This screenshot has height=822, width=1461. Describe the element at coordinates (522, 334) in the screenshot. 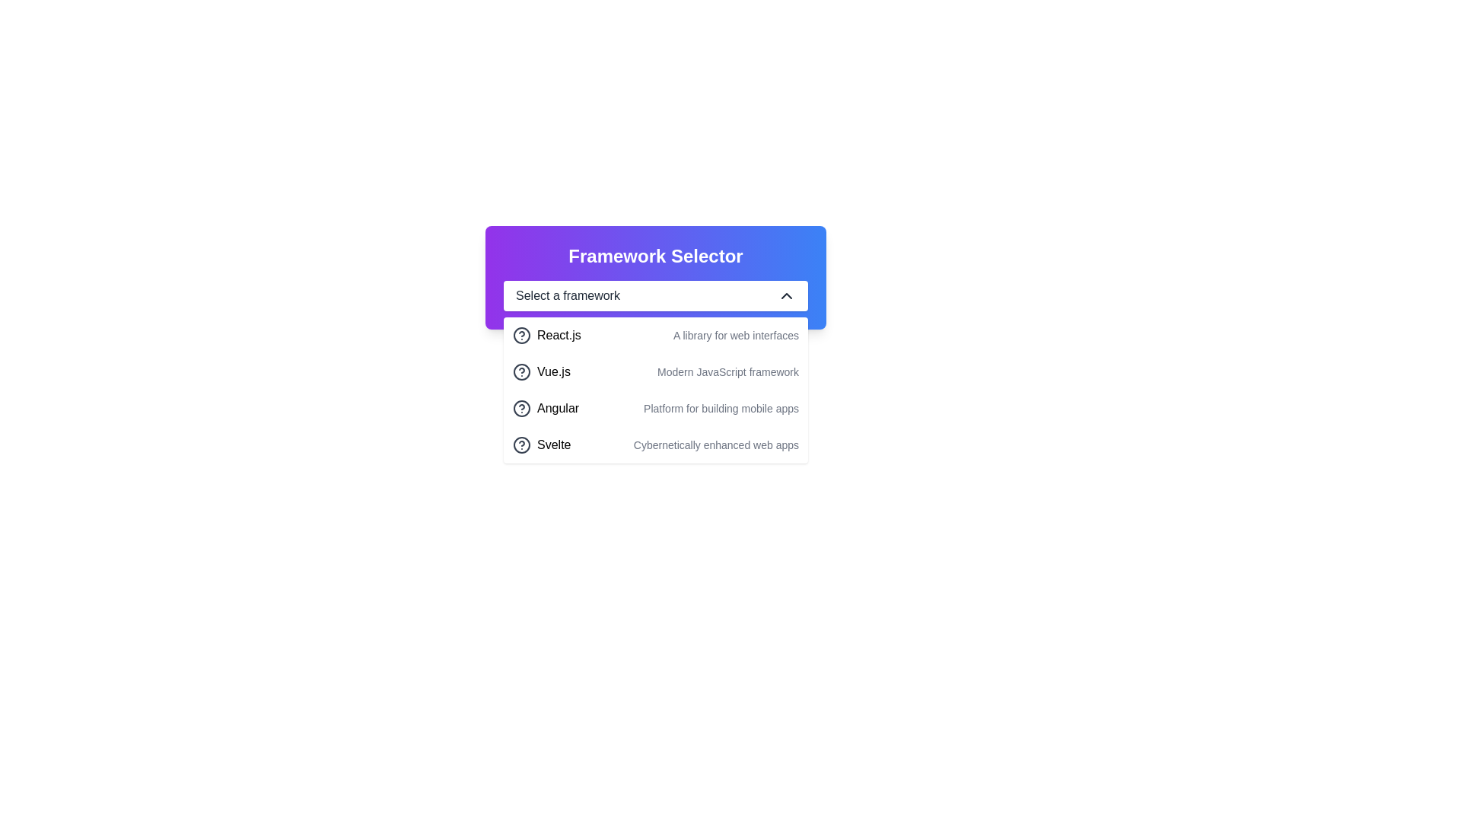

I see `the SVG Circle element that is part of the question mark icon within the framework selector dropdown list, located to the left of the 'Vue.js' item` at that location.